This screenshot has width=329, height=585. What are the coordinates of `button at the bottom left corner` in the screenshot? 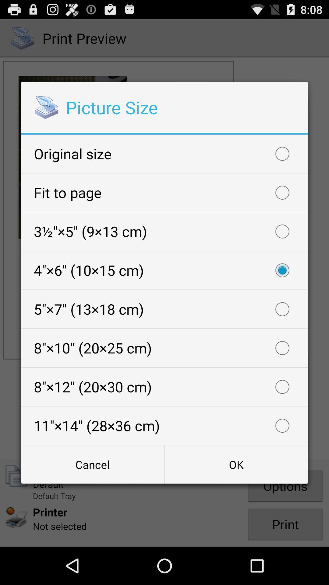 It's located at (93, 464).